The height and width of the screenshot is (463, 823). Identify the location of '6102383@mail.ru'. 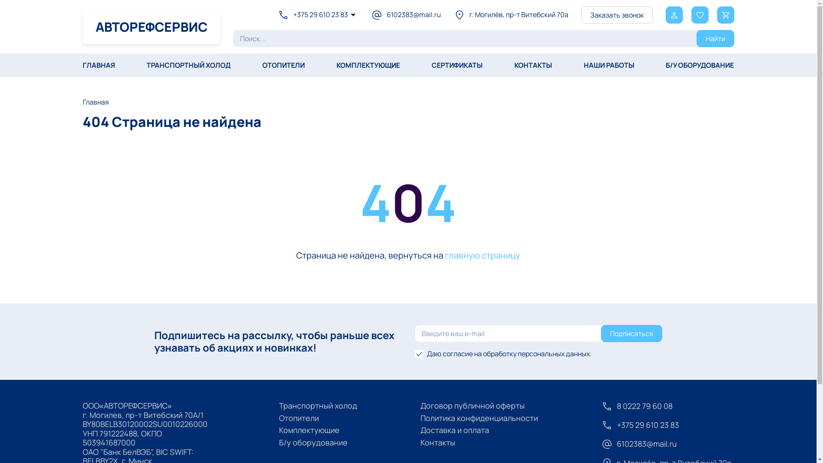
(371, 15).